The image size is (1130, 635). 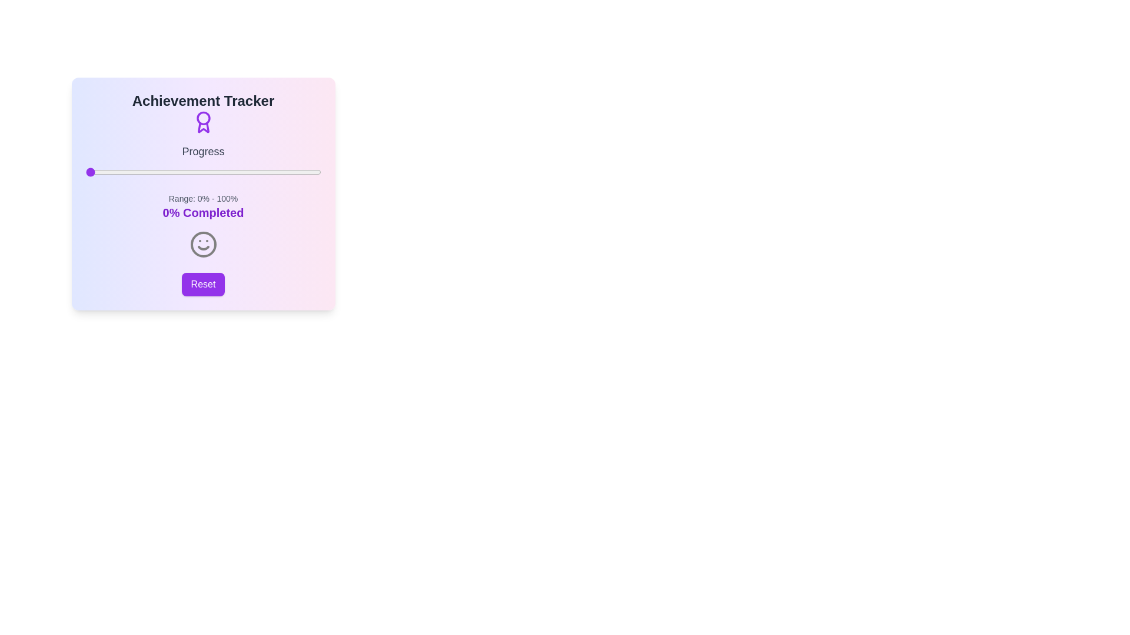 What do you see at coordinates (259, 172) in the screenshot?
I see `the progress slider to 74%` at bounding box center [259, 172].